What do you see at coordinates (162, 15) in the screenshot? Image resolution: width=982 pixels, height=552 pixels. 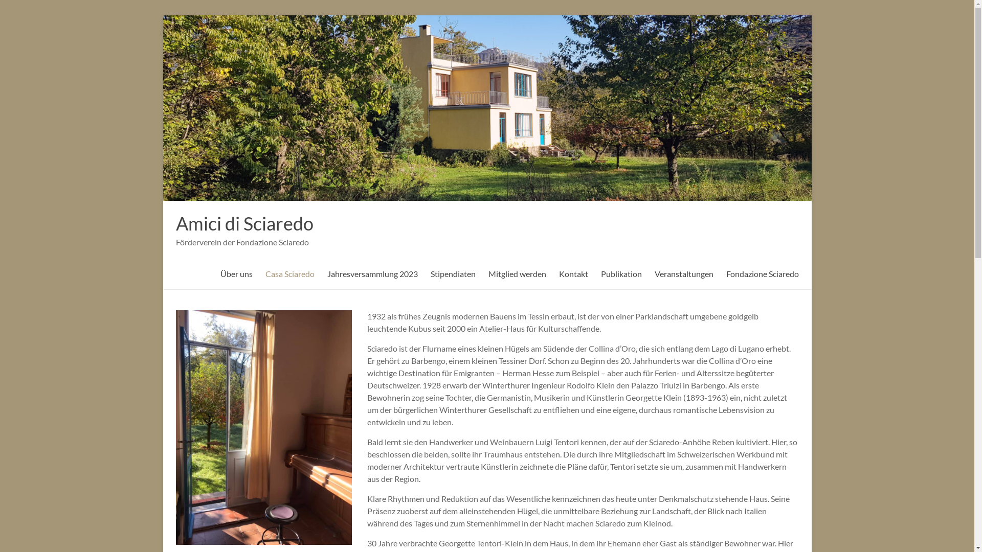 I see `'Zum Inhalt springen'` at bounding box center [162, 15].